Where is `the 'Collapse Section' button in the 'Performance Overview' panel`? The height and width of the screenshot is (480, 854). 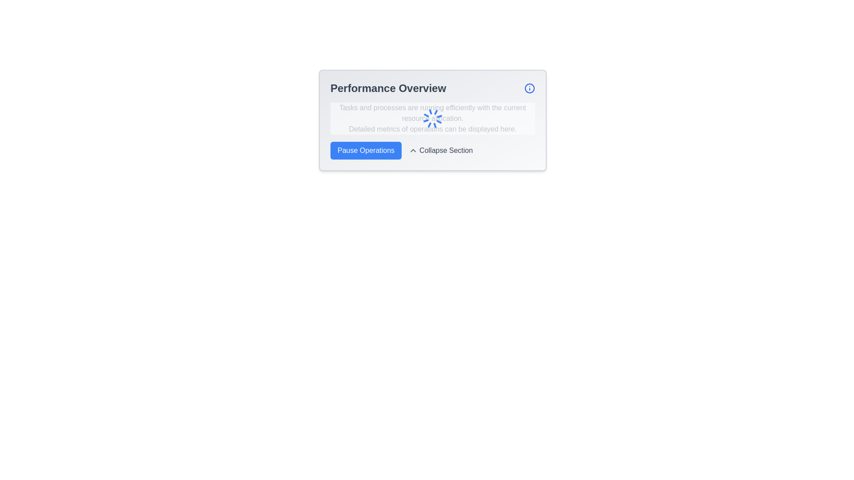 the 'Collapse Section' button in the 'Performance Overview' panel is located at coordinates (433, 150).